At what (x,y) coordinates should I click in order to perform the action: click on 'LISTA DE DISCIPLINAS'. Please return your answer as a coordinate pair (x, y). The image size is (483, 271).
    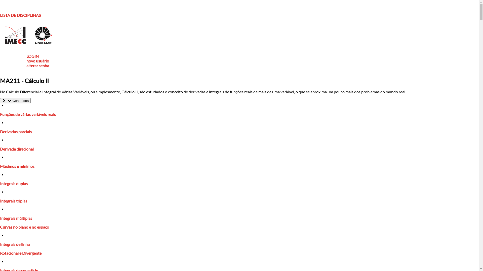
    Looking at the image, I should click on (0, 15).